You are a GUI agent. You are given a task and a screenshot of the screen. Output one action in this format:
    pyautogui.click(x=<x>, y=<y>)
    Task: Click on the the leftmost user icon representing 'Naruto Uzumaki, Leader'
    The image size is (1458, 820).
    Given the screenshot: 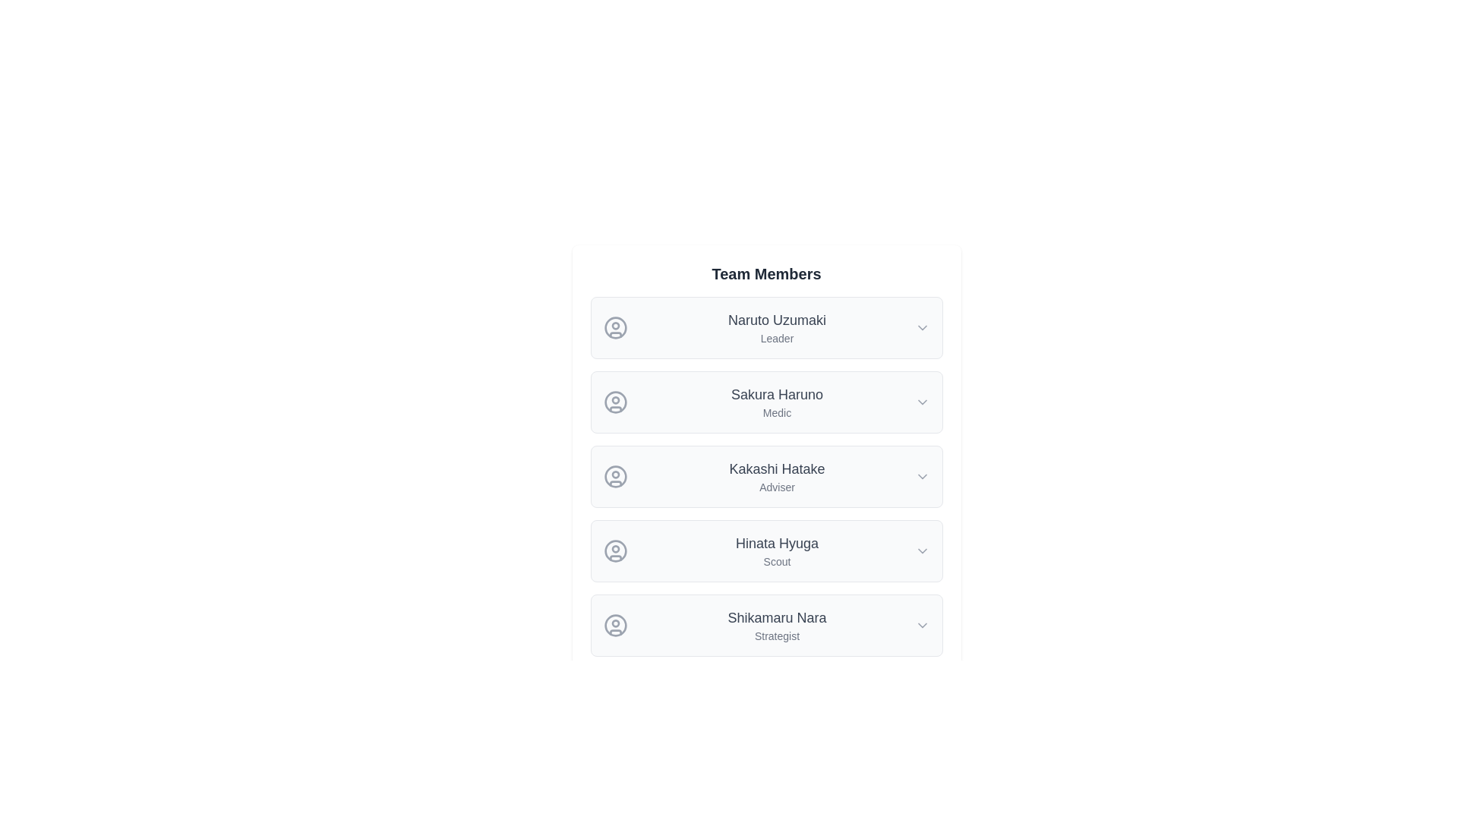 What is the action you would take?
    pyautogui.click(x=615, y=327)
    